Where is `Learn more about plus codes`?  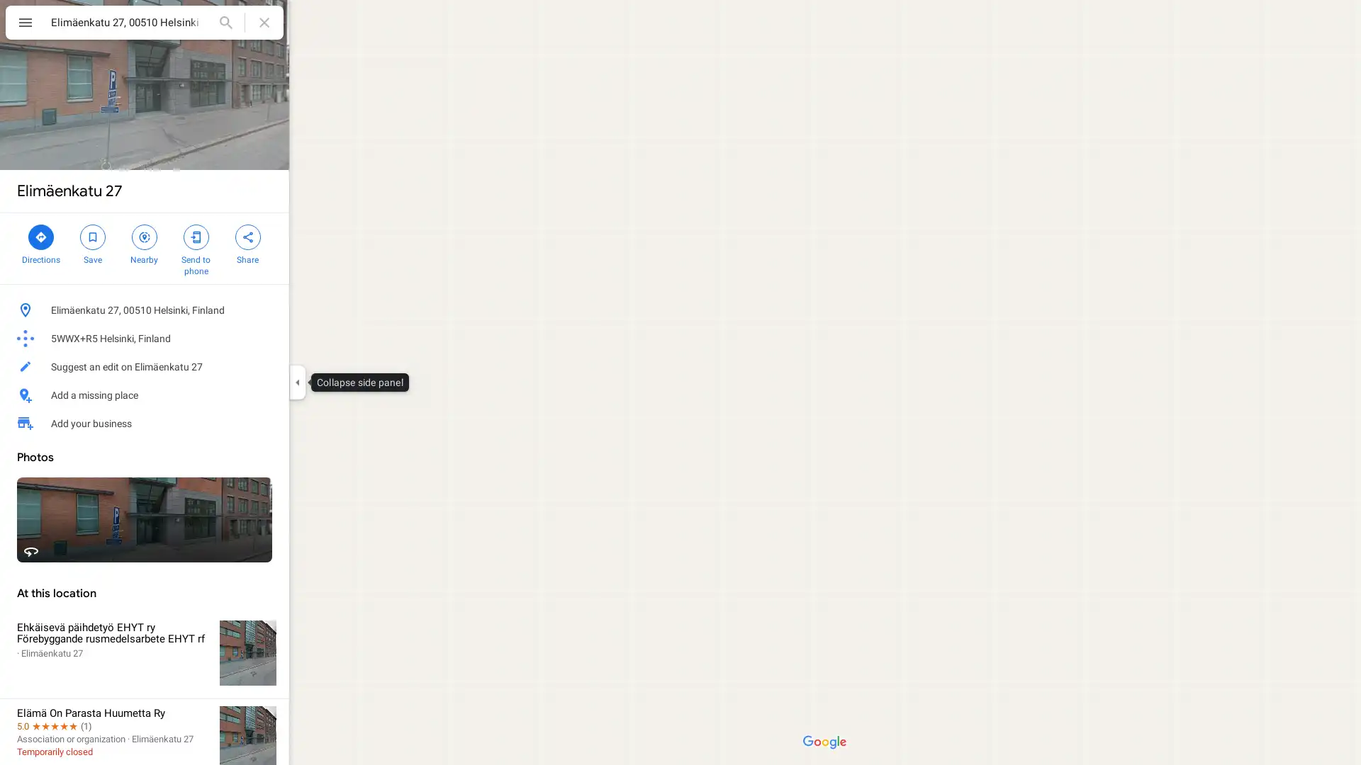
Learn more about plus codes is located at coordinates (271, 339).